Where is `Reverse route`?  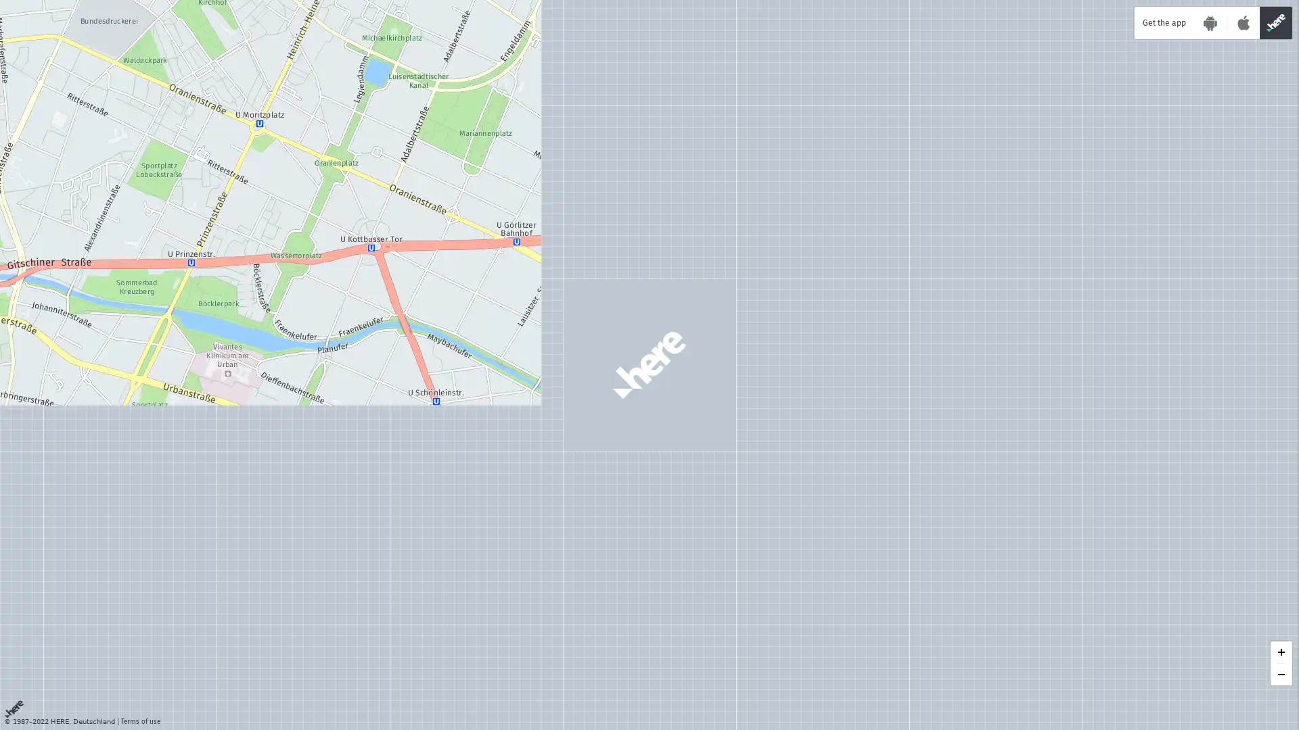
Reverse route is located at coordinates (217, 38).